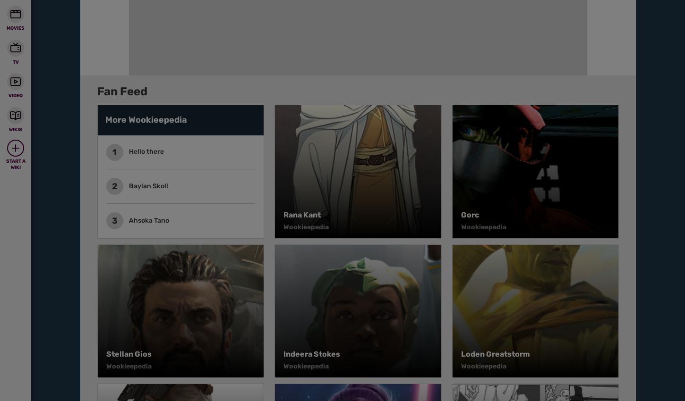 Image resolution: width=685 pixels, height=401 pixels. What do you see at coordinates (375, 7) in the screenshot?
I see `'Support'` at bounding box center [375, 7].